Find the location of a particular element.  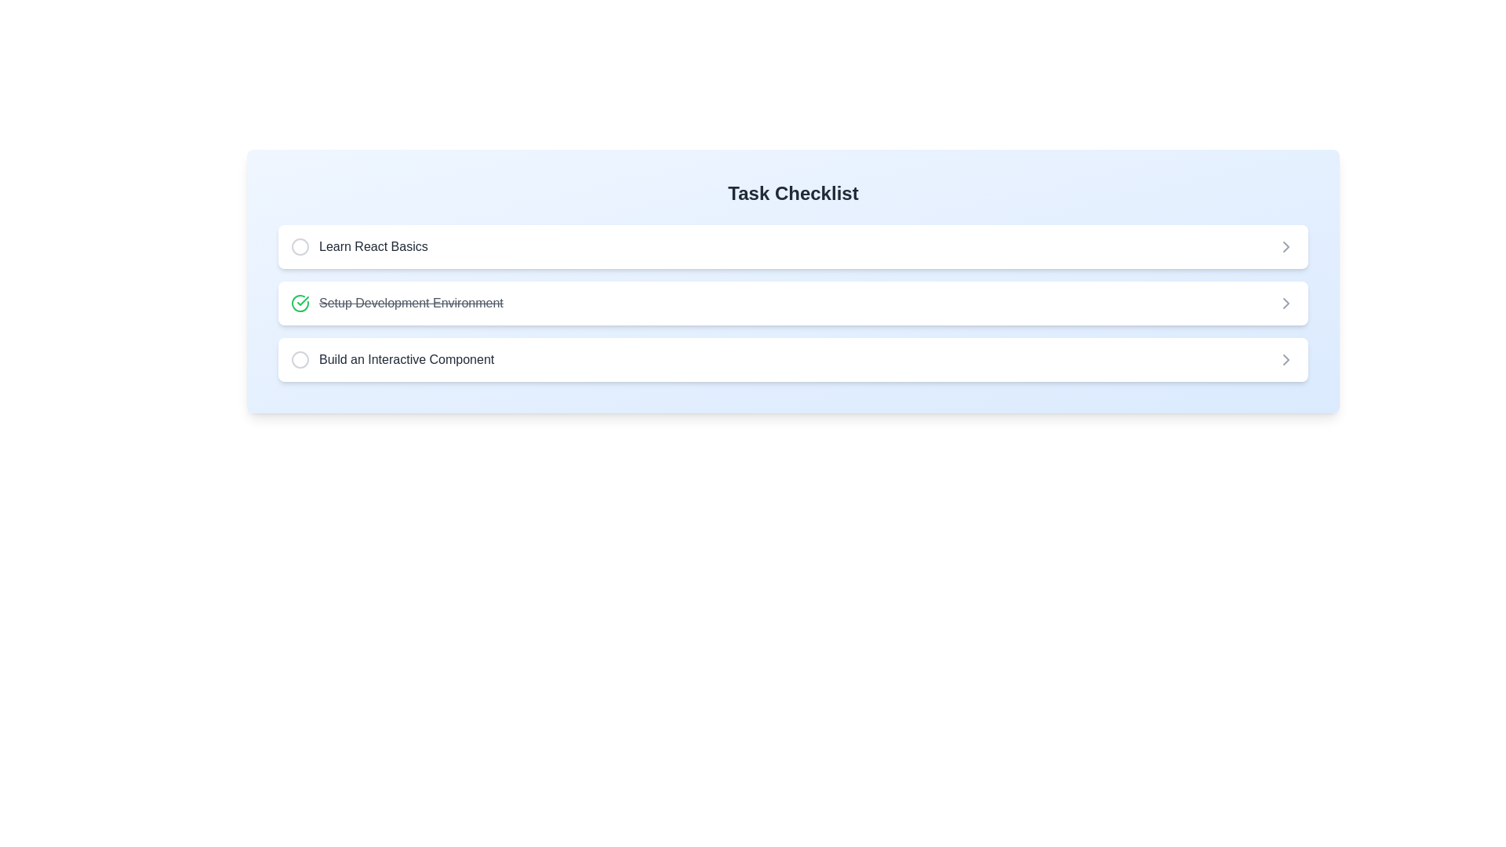

the green checkmark icon representing the completion status for the checklist item 'Setup Development Environment' is located at coordinates (300, 303).